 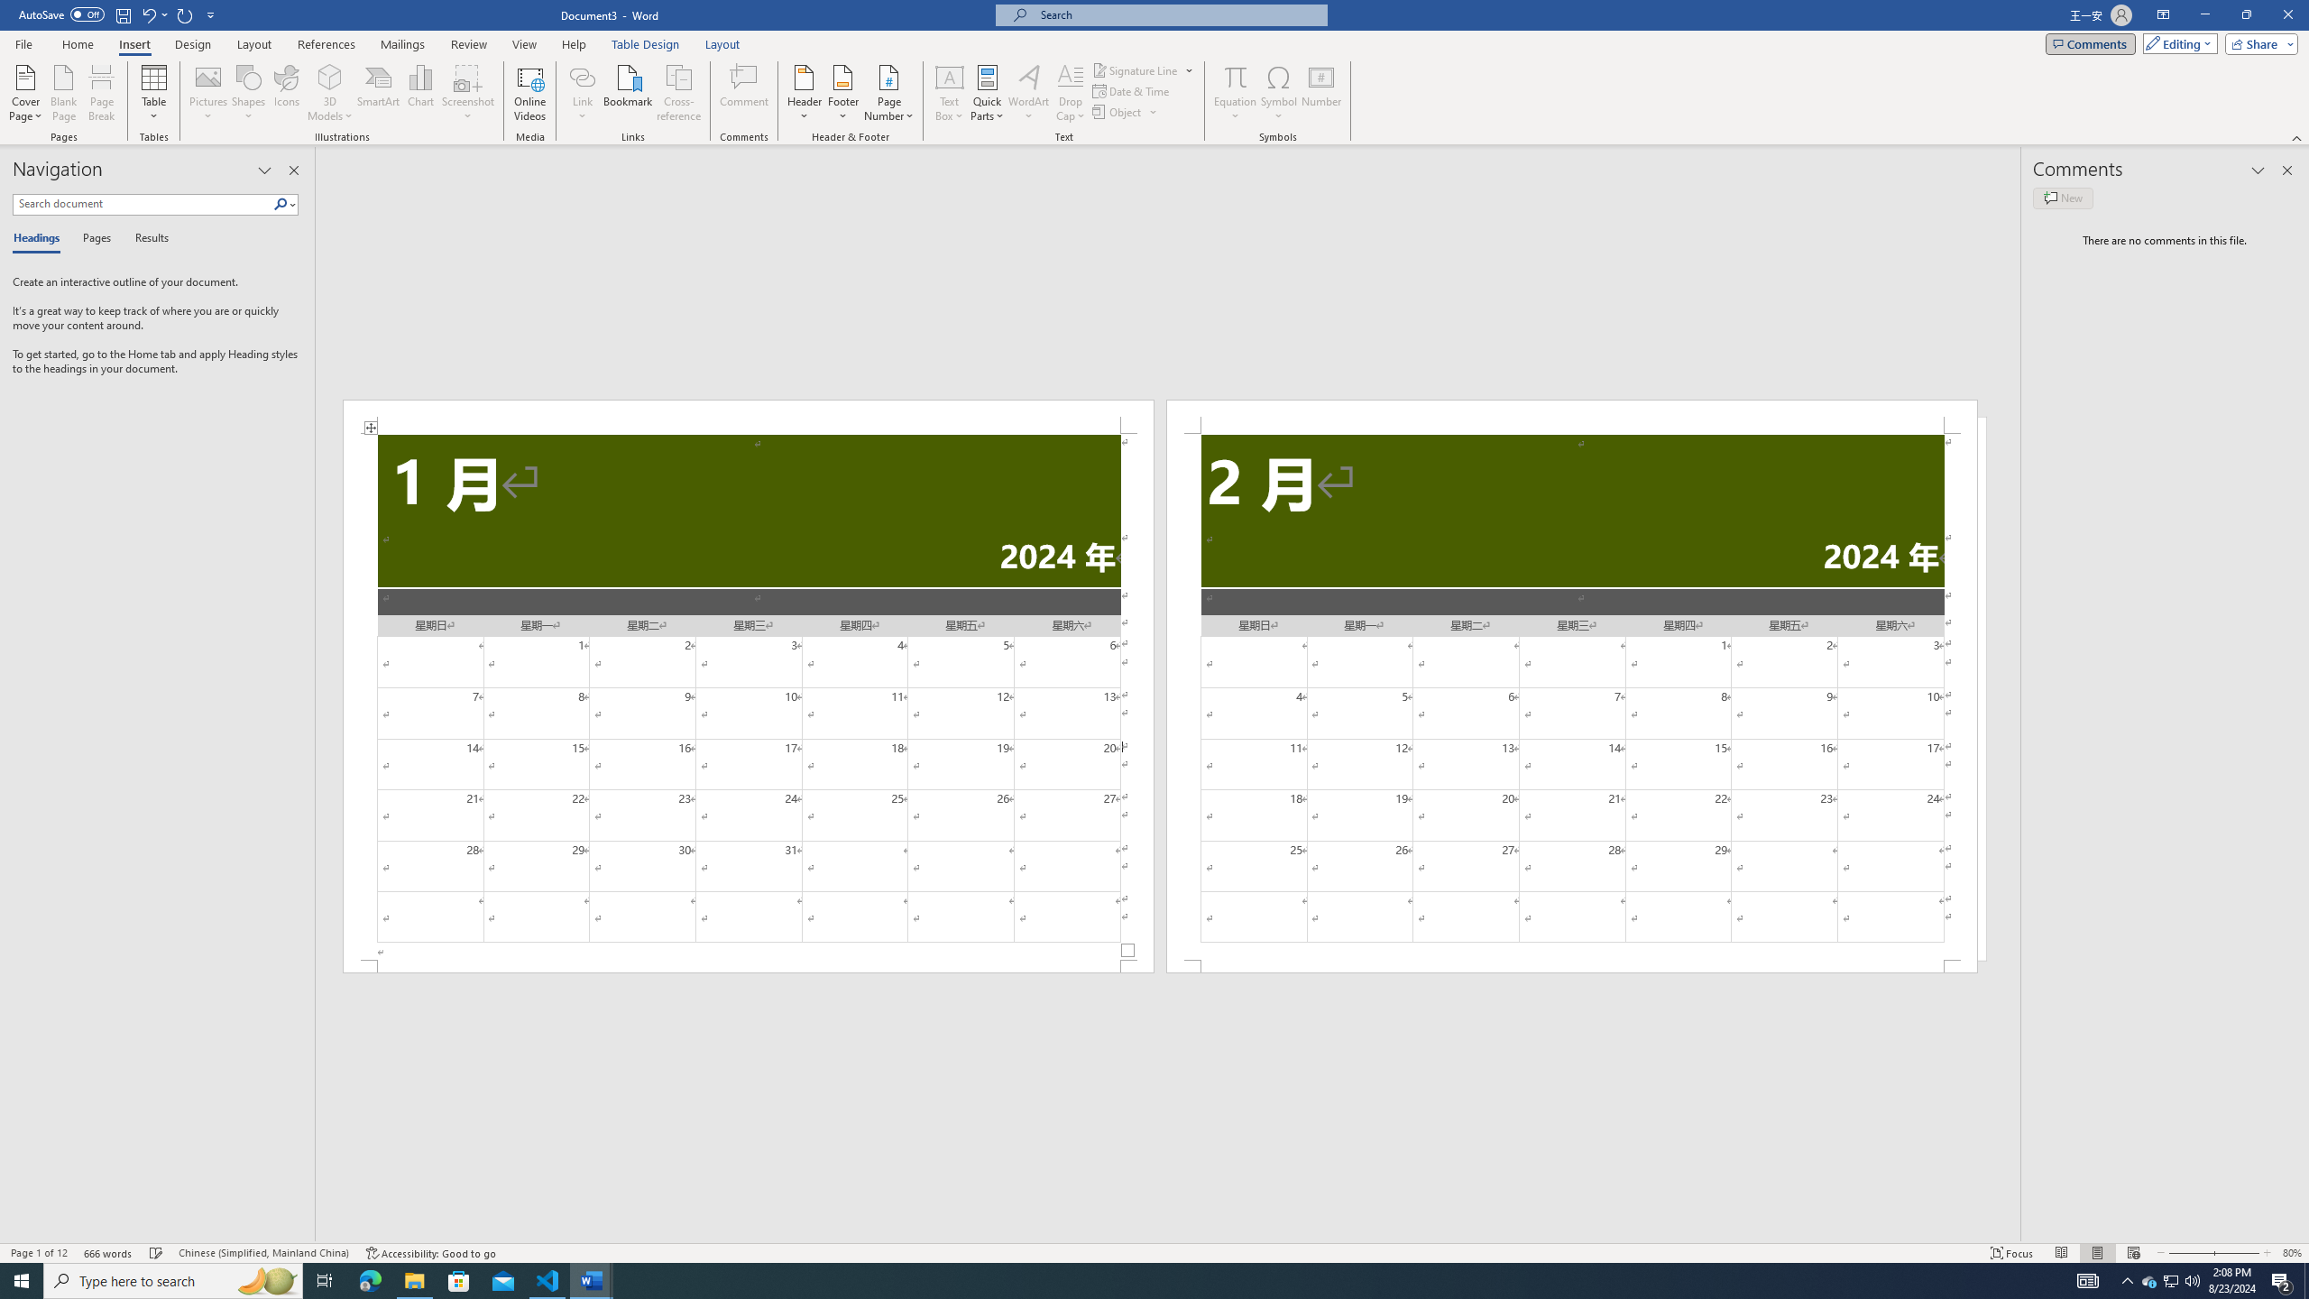 I want to click on 'Read Mode', so click(x=2062, y=1253).